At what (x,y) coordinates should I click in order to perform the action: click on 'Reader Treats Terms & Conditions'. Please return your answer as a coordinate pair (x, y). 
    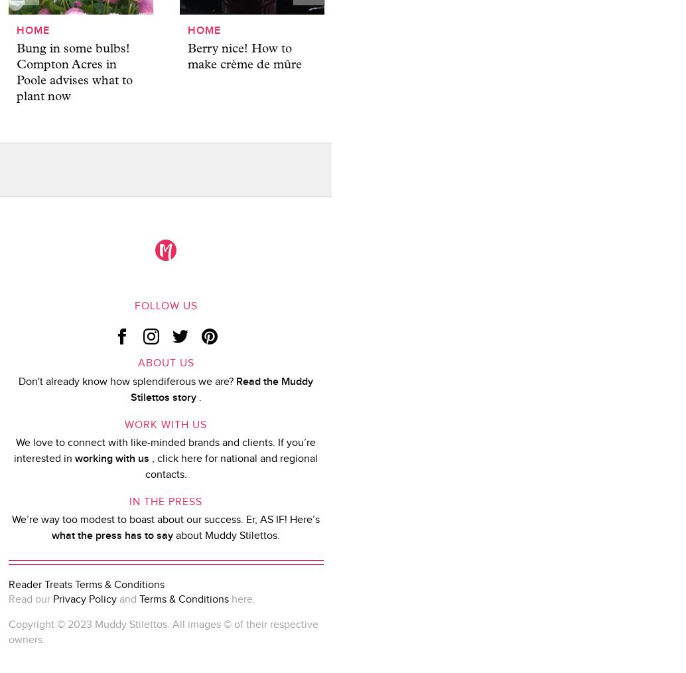
    Looking at the image, I should click on (7, 583).